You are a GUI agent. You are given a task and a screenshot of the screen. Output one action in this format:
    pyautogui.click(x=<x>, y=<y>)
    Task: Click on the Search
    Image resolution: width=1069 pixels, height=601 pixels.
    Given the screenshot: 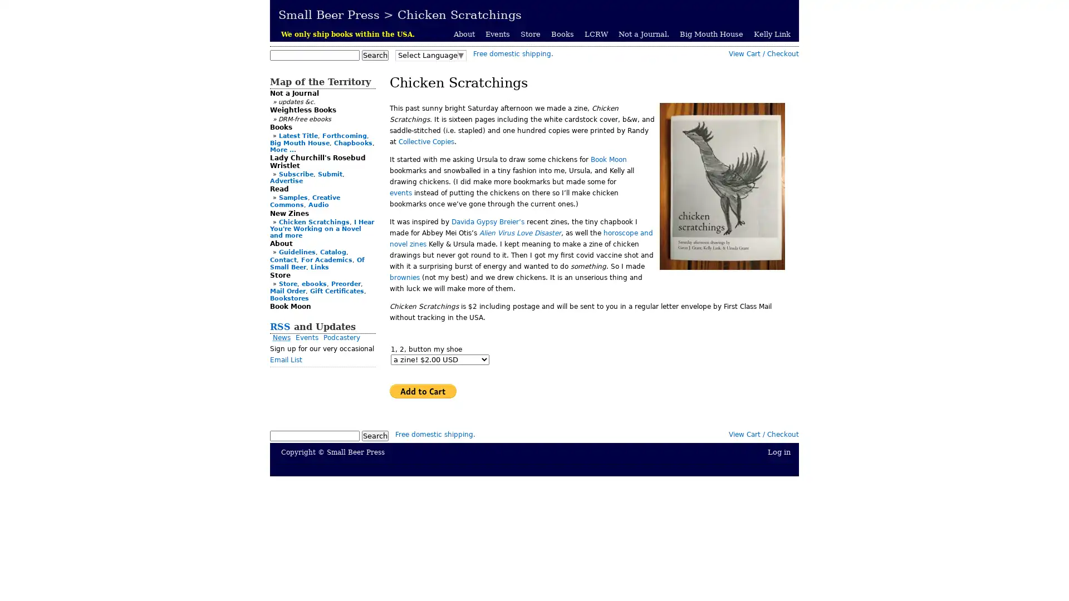 What is the action you would take?
    pyautogui.click(x=375, y=435)
    